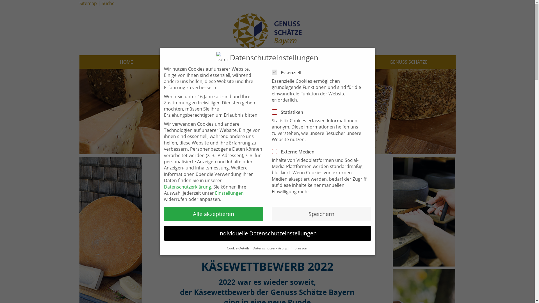 Image resolution: width=539 pixels, height=303 pixels. I want to click on 'Cookie-Details', so click(238, 248).